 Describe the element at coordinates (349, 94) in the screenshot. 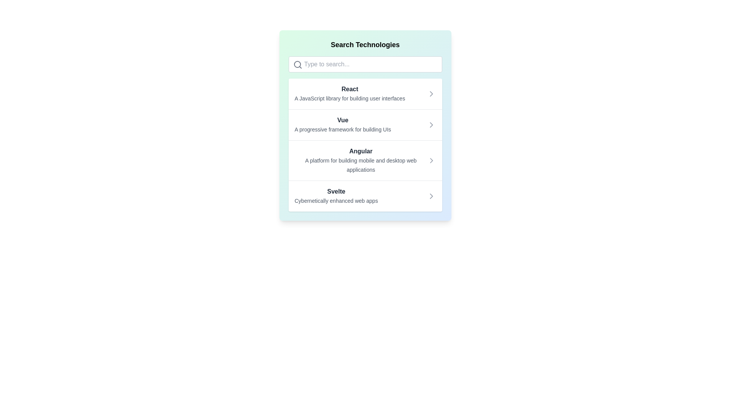

I see `text displayed in the Text Block which contains 'React' and its description 'A JavaScript library for building user interfaces.'` at that location.